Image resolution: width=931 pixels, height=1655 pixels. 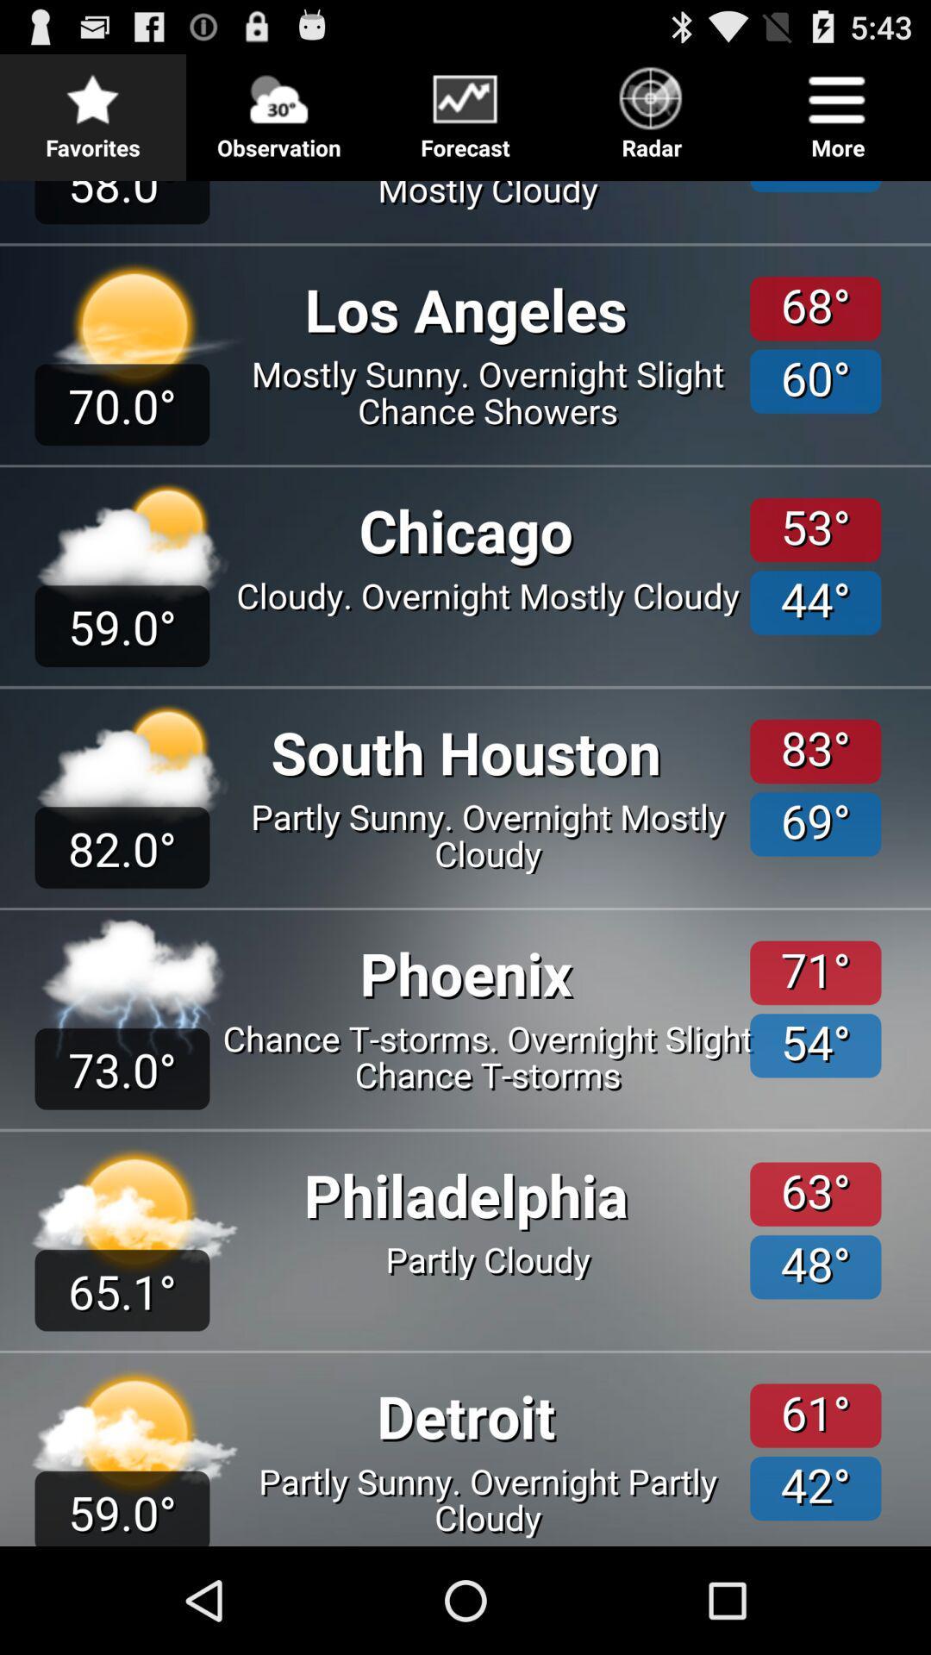 What do you see at coordinates (93, 107) in the screenshot?
I see `favorites item` at bounding box center [93, 107].